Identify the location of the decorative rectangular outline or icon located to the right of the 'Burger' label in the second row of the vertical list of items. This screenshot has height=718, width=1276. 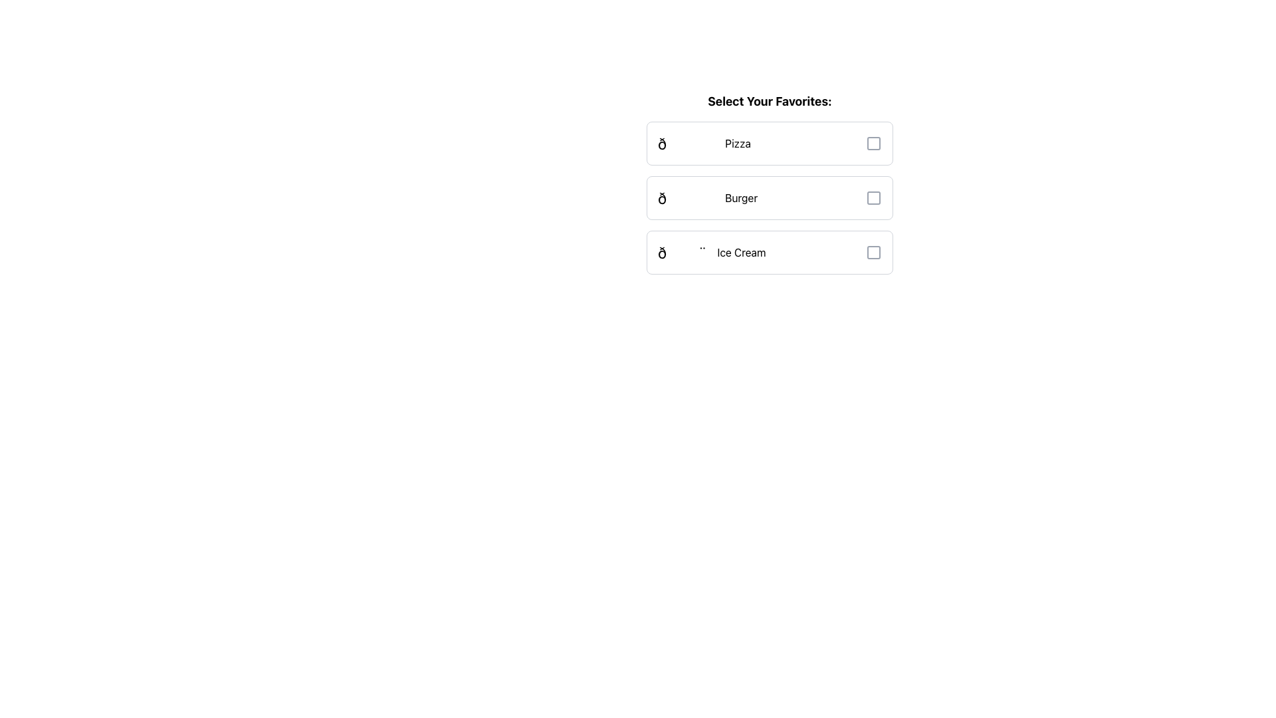
(874, 197).